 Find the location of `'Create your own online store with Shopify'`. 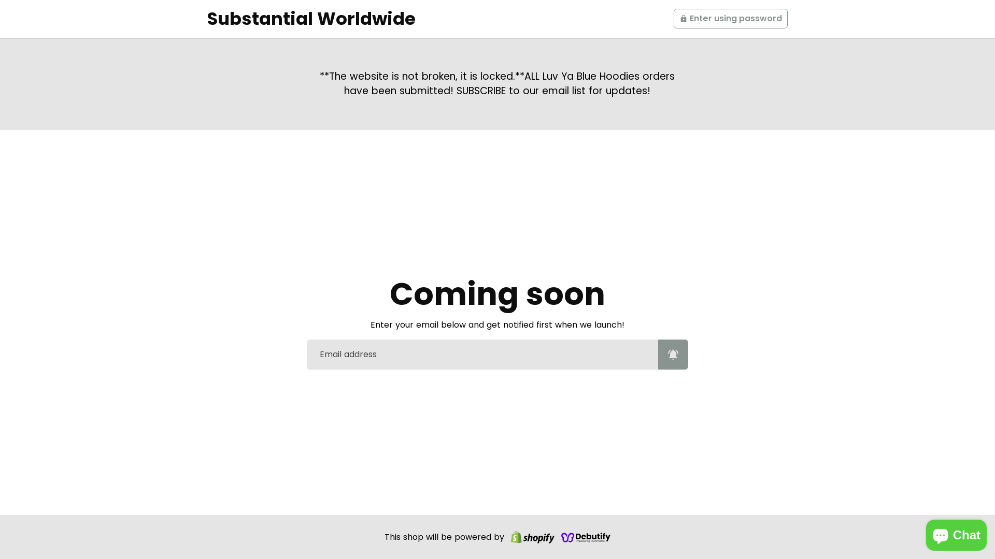

'Create your own online store with Shopify' is located at coordinates (532, 536).